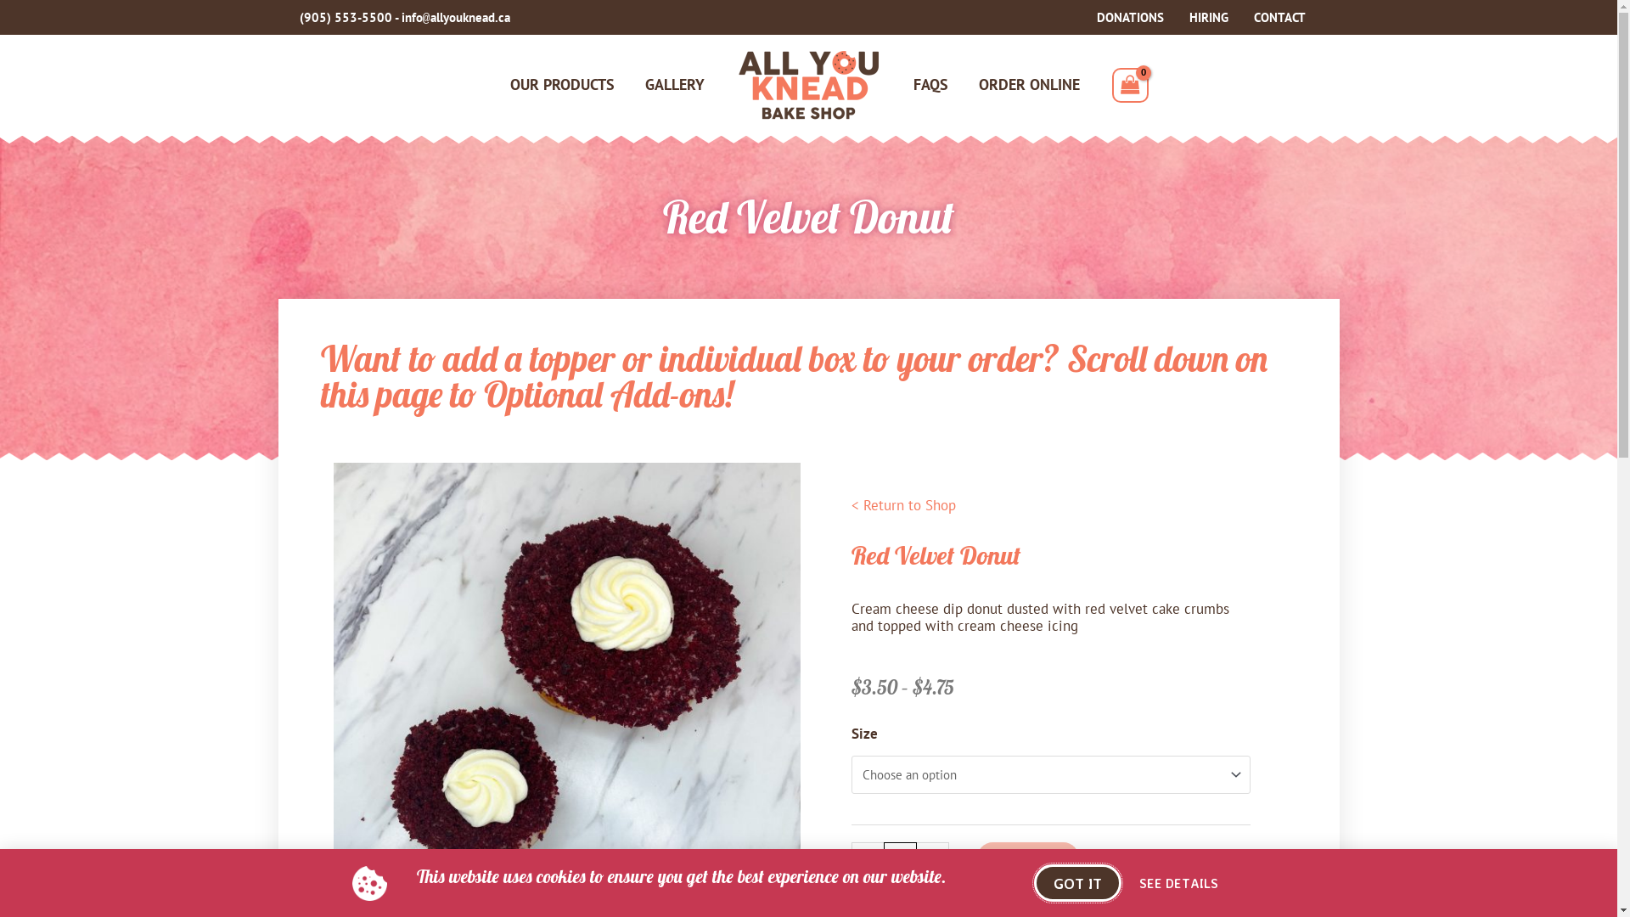  Describe the element at coordinates (561, 85) in the screenshot. I see `'OUR PRODUCTS'` at that location.